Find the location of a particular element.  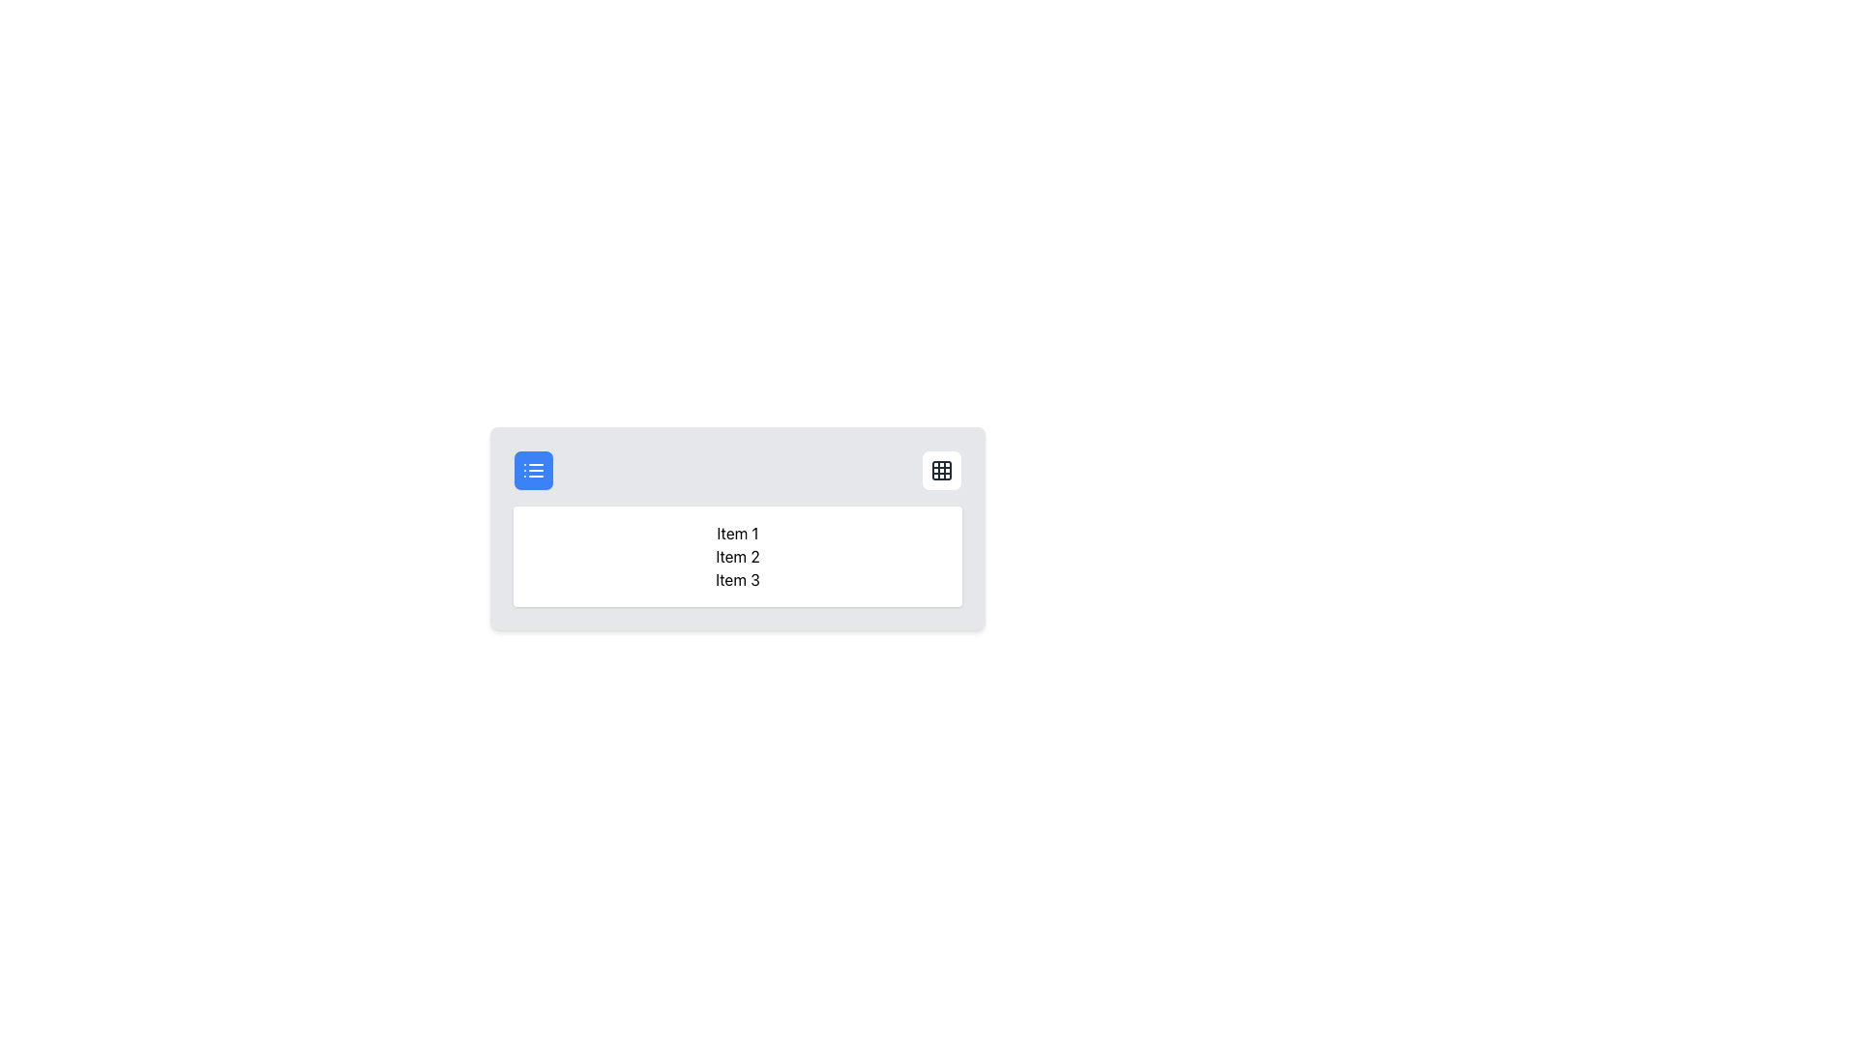

the Text Label labeled 'Item 3', which is the third item in a vertical list of three items, displayed in a simple black font on a plain background, located at the bottom of the list is located at coordinates (737, 579).